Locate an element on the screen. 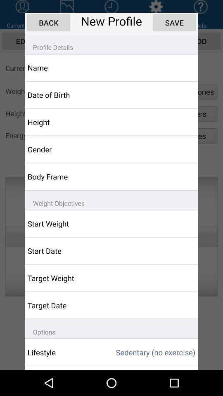 Image resolution: width=223 pixels, height=396 pixels. app below weight objectives icon is located at coordinates (64, 224).